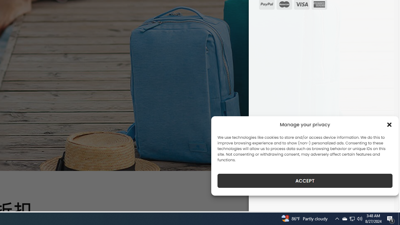 The width and height of the screenshot is (400, 225). I want to click on 'ACCEPT', so click(305, 181).